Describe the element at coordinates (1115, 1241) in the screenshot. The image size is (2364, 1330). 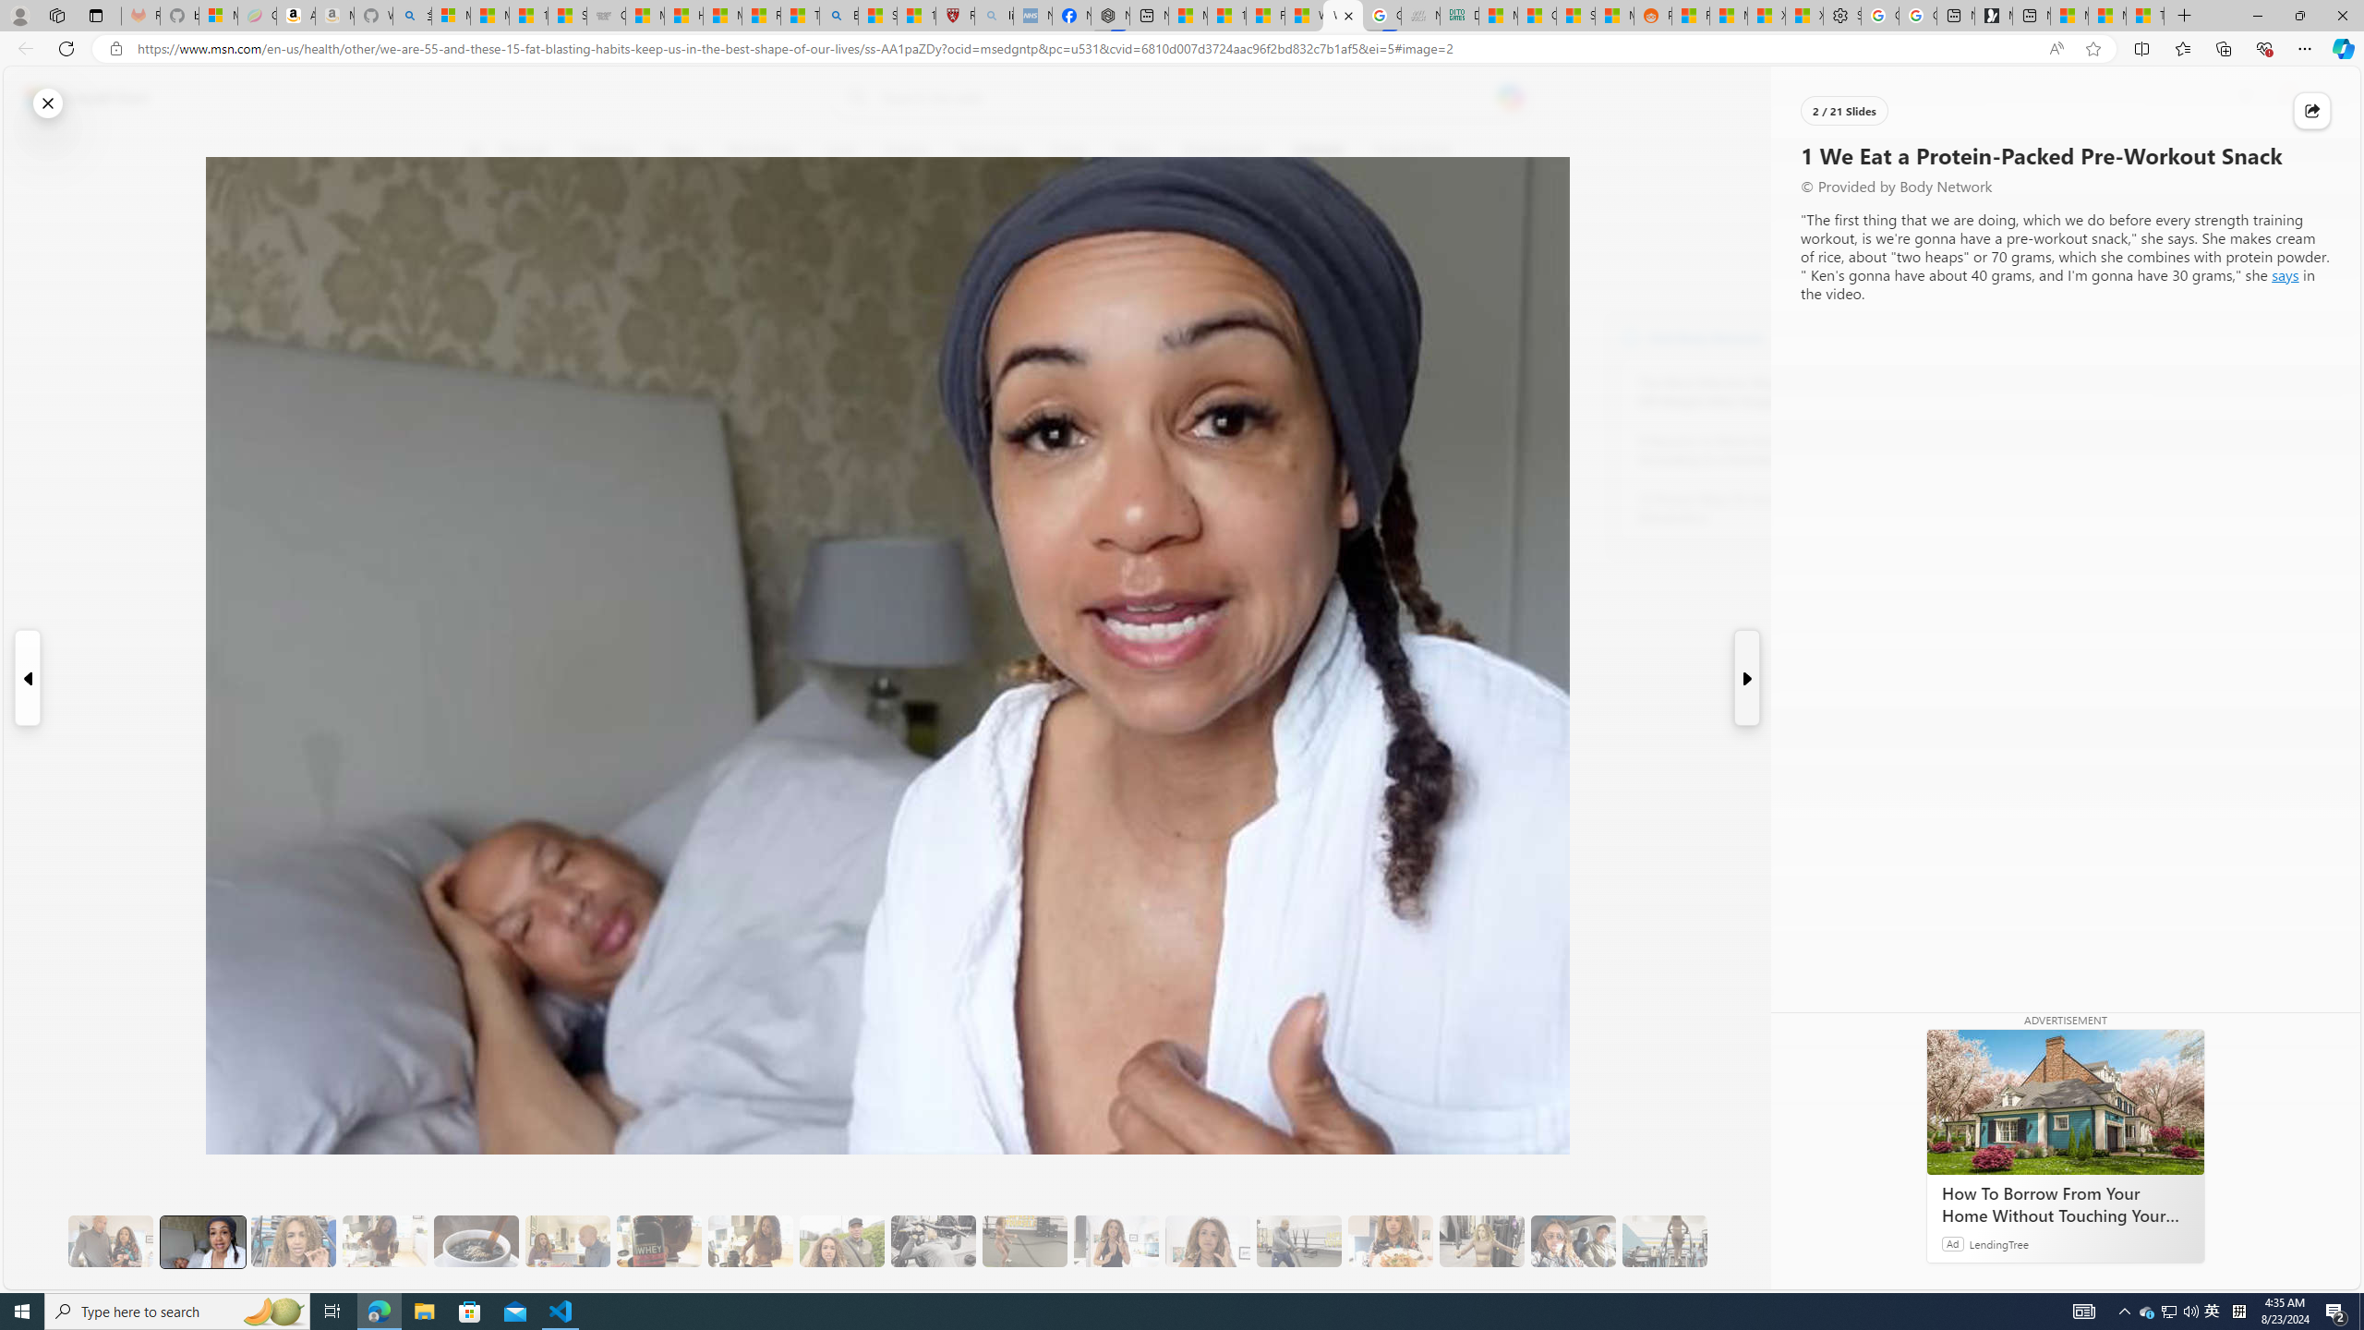
I see `'11 They Eat More Protein for Breakfast'` at that location.